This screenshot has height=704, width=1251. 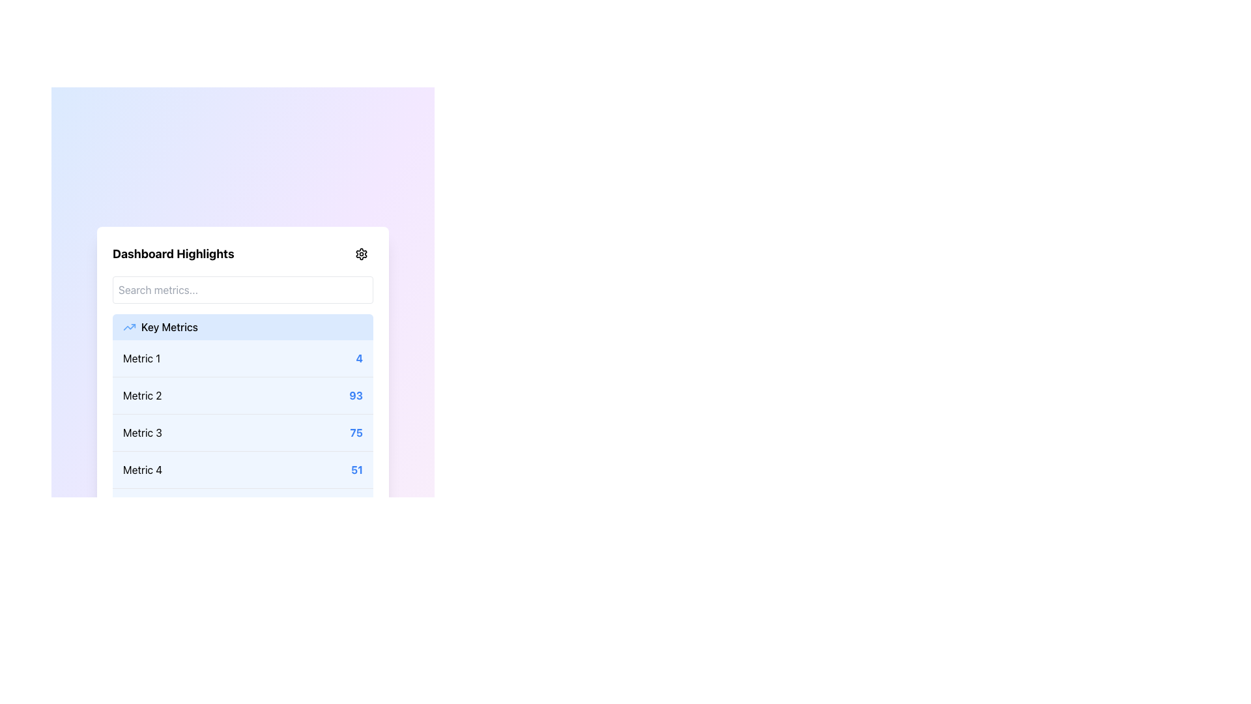 What do you see at coordinates (359, 359) in the screenshot?
I see `numeric value displayed in the Text Label positioned at the top right of the 'Metric 1' row in the 'Key Metrics' list` at bounding box center [359, 359].